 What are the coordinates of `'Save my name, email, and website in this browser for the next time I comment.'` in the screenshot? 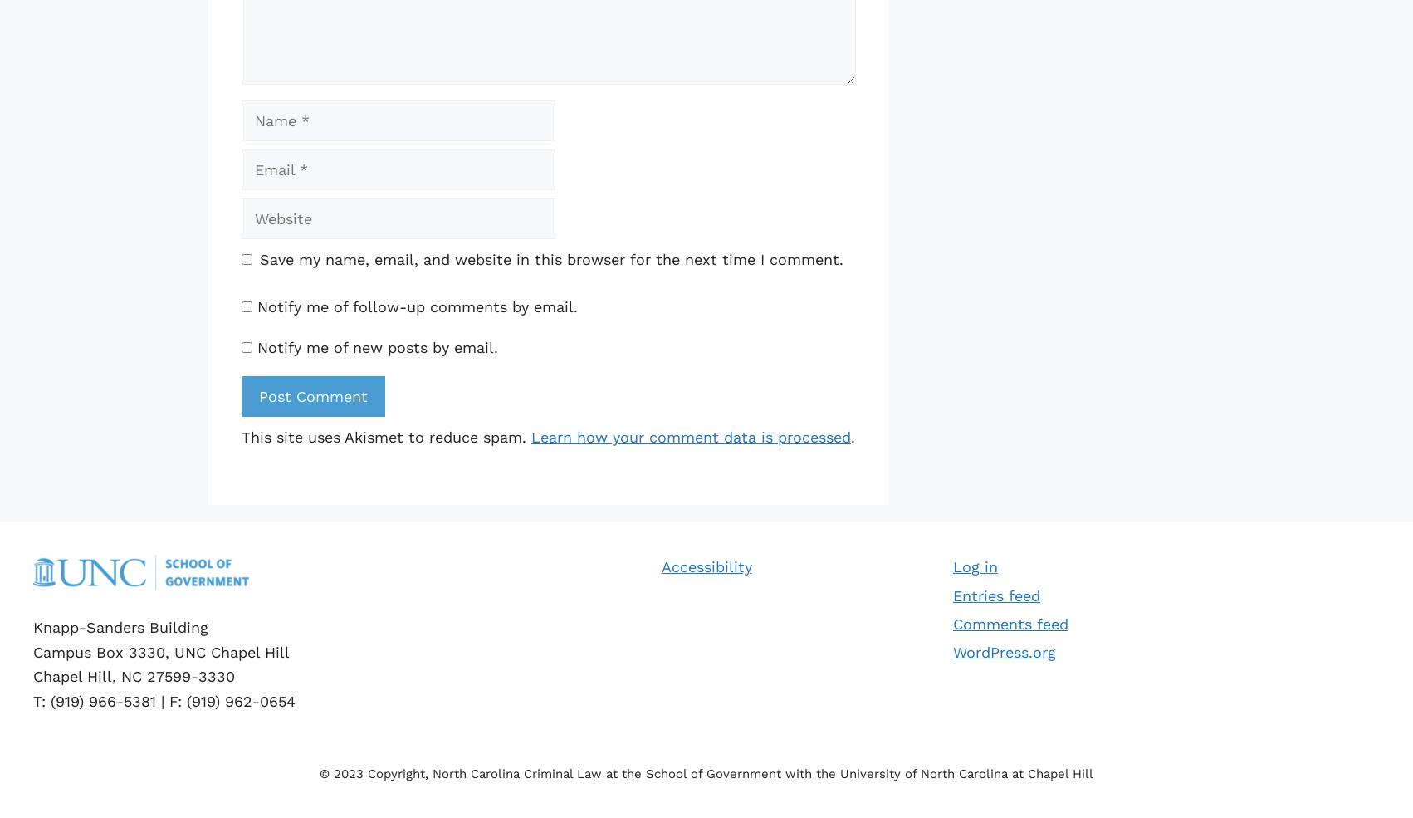 It's located at (551, 259).